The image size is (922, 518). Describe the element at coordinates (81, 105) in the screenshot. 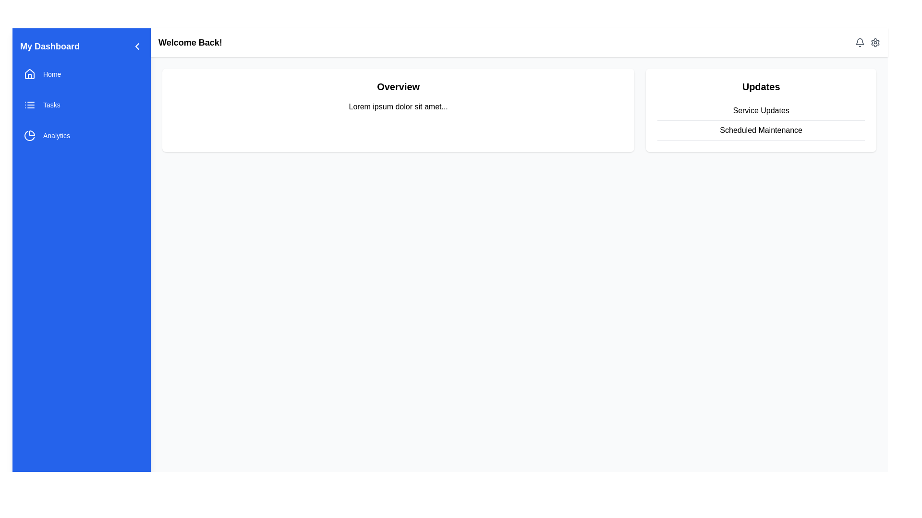

I see `the 'Tasks' menu item in the sidebar of the dashboard` at that location.